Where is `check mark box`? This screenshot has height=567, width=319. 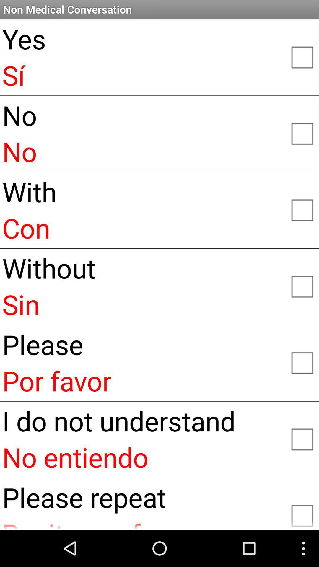
check mark box is located at coordinates (302, 439).